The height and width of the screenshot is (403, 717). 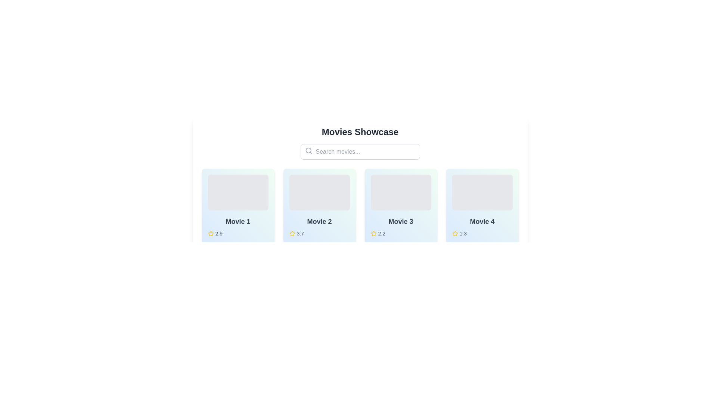 I want to click on the static text label displaying 'Movie 2', which is styled in bold, large dark gray font and is located in the second card of a horizontal collection of movie cards, so click(x=319, y=221).